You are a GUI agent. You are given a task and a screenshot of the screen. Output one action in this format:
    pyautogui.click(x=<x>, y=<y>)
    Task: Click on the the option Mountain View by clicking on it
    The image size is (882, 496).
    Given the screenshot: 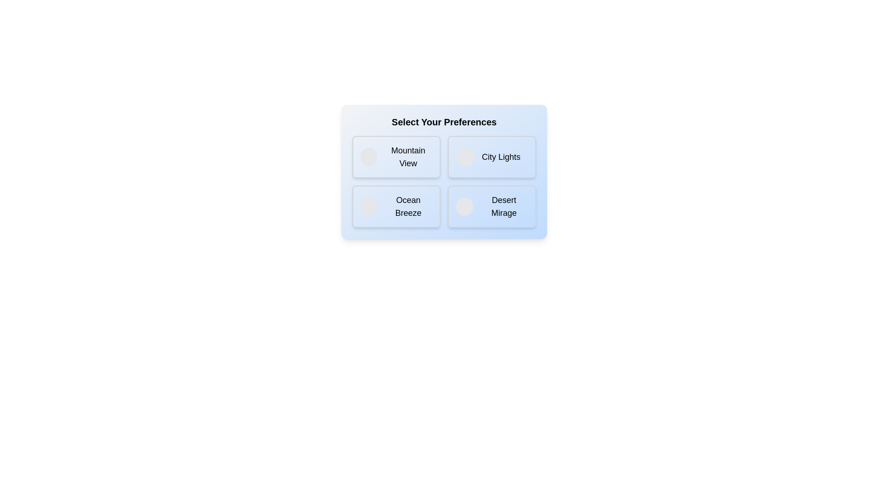 What is the action you would take?
    pyautogui.click(x=396, y=157)
    